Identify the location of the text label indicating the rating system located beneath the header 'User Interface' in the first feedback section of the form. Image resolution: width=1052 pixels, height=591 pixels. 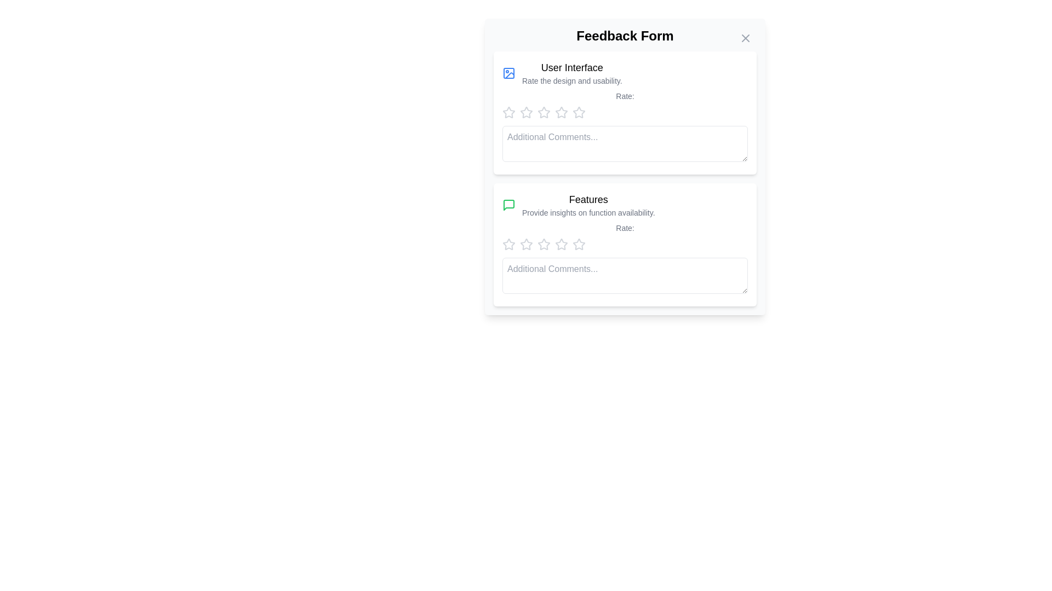
(625, 96).